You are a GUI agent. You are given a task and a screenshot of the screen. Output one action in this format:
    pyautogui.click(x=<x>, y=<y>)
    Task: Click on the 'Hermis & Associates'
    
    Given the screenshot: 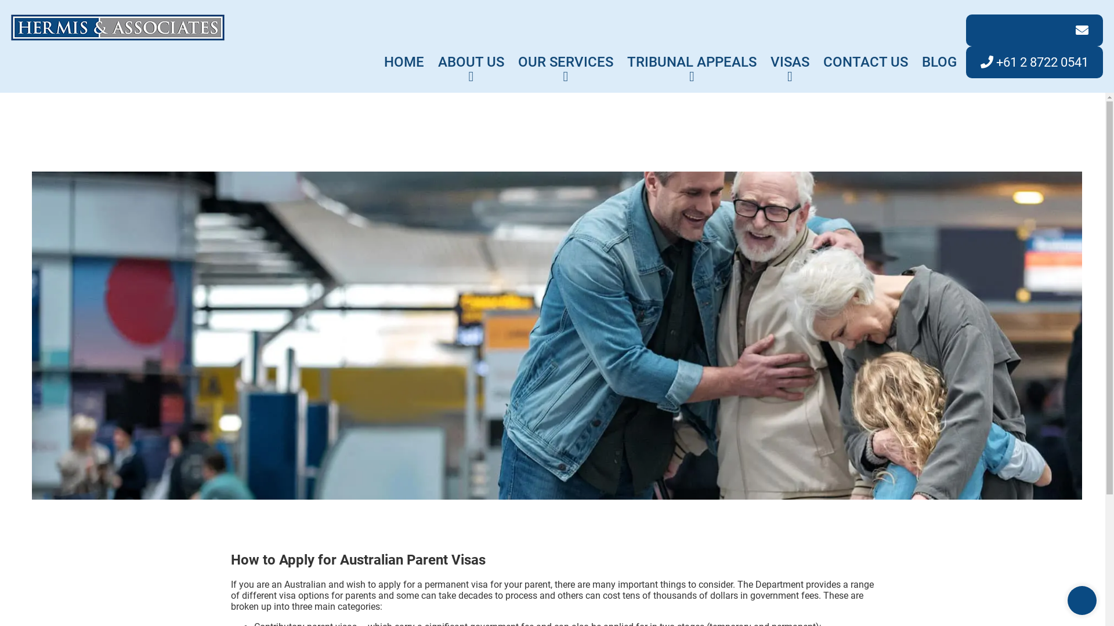 What is the action you would take?
    pyautogui.click(x=117, y=26)
    